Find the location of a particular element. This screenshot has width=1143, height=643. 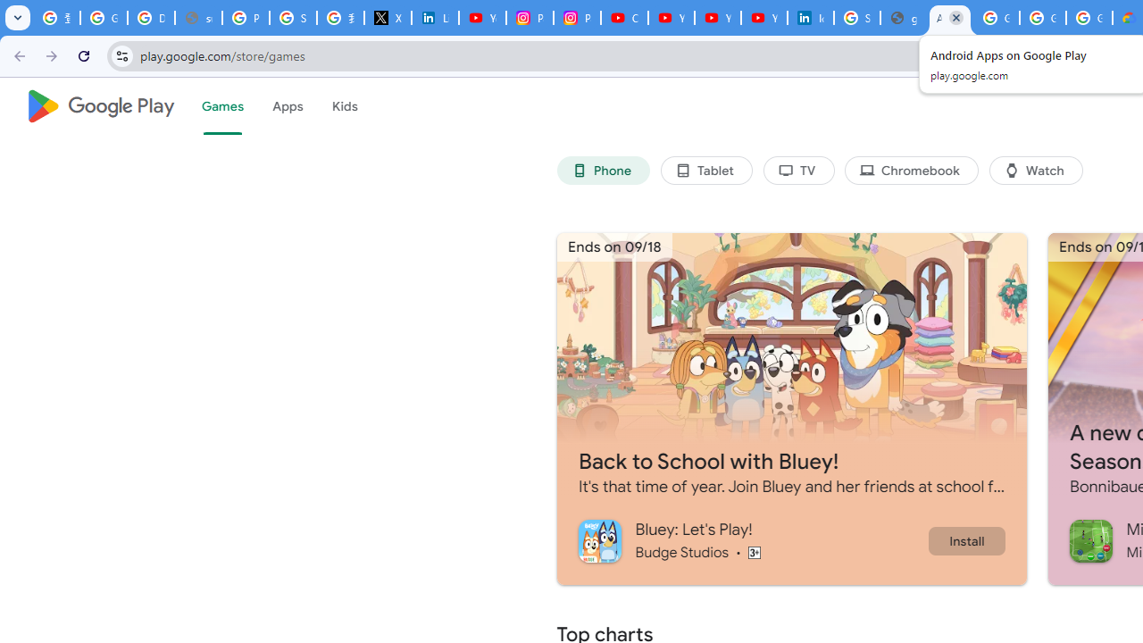

'Watch' is located at coordinates (1036, 171).